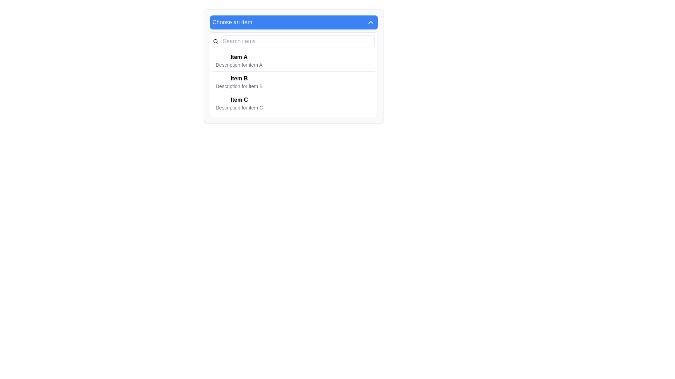  Describe the element at coordinates (239, 100) in the screenshot. I see `text of the third item in the dropdown list titled 'Choose an Item', which represents 'Item C'` at that location.